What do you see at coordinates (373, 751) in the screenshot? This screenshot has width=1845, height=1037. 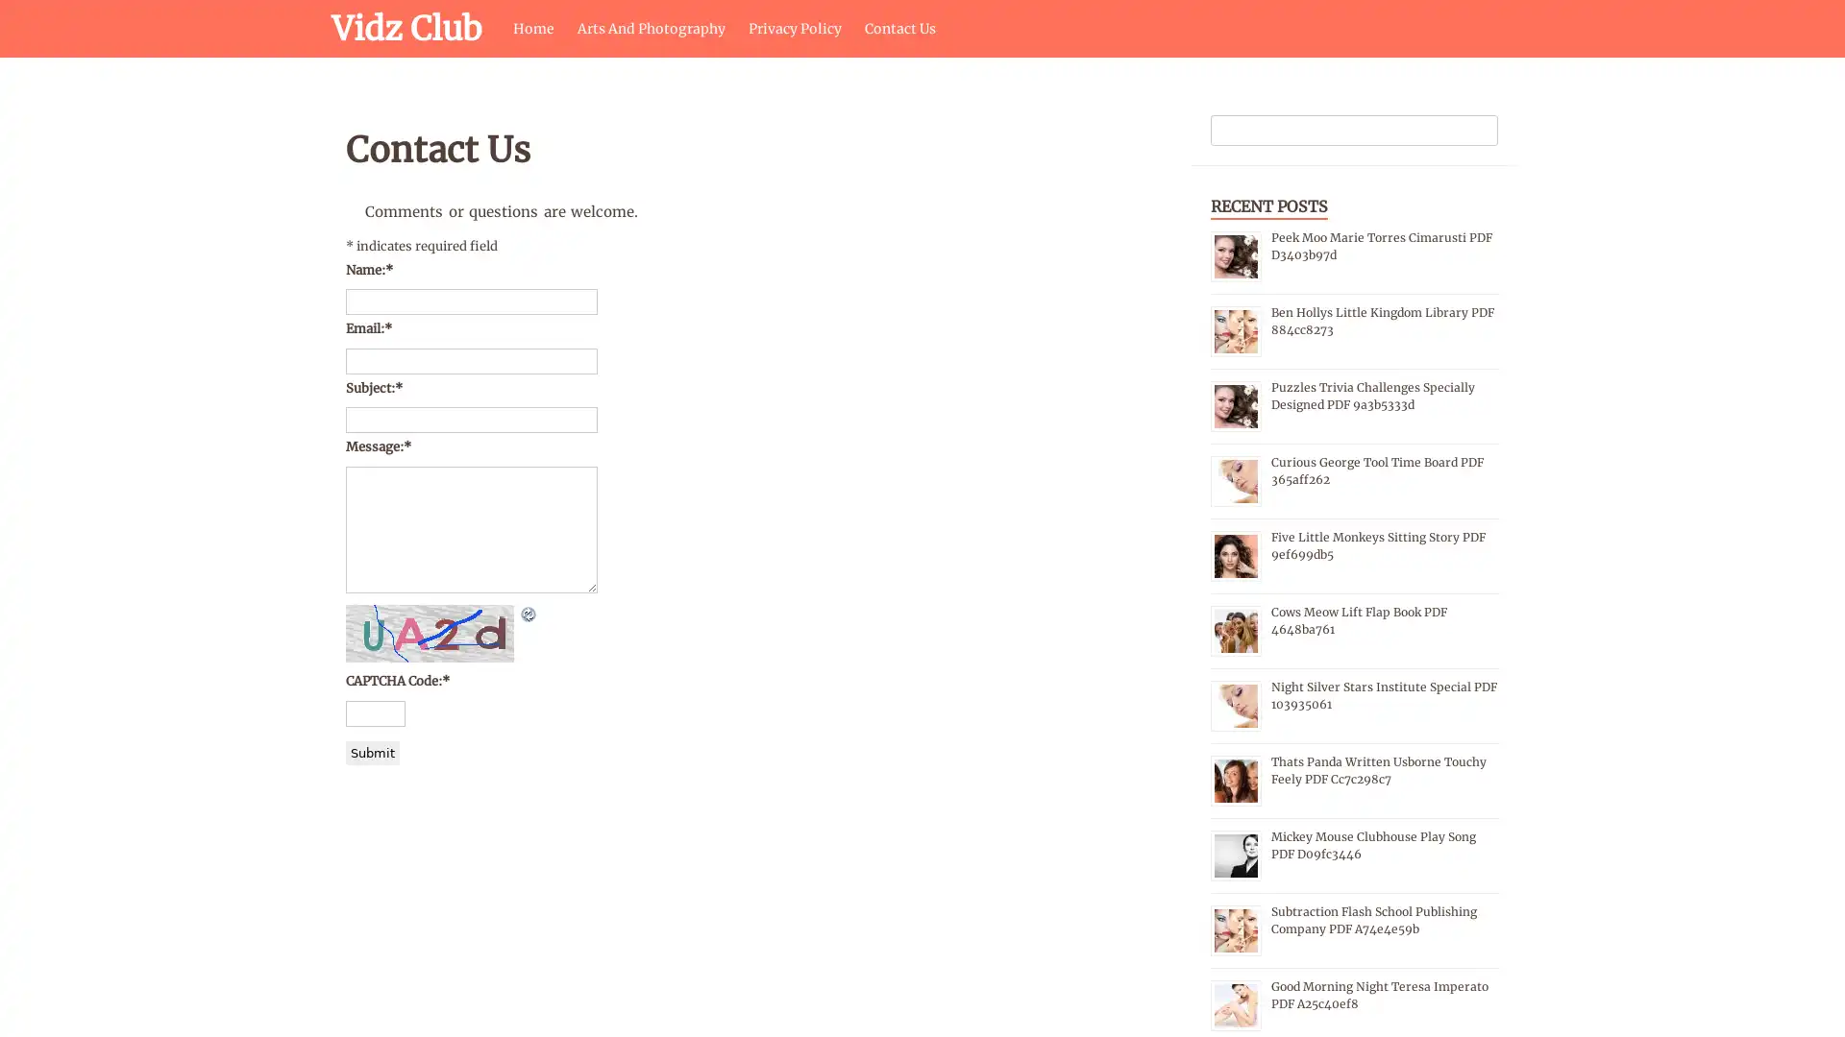 I see `Submit` at bounding box center [373, 751].